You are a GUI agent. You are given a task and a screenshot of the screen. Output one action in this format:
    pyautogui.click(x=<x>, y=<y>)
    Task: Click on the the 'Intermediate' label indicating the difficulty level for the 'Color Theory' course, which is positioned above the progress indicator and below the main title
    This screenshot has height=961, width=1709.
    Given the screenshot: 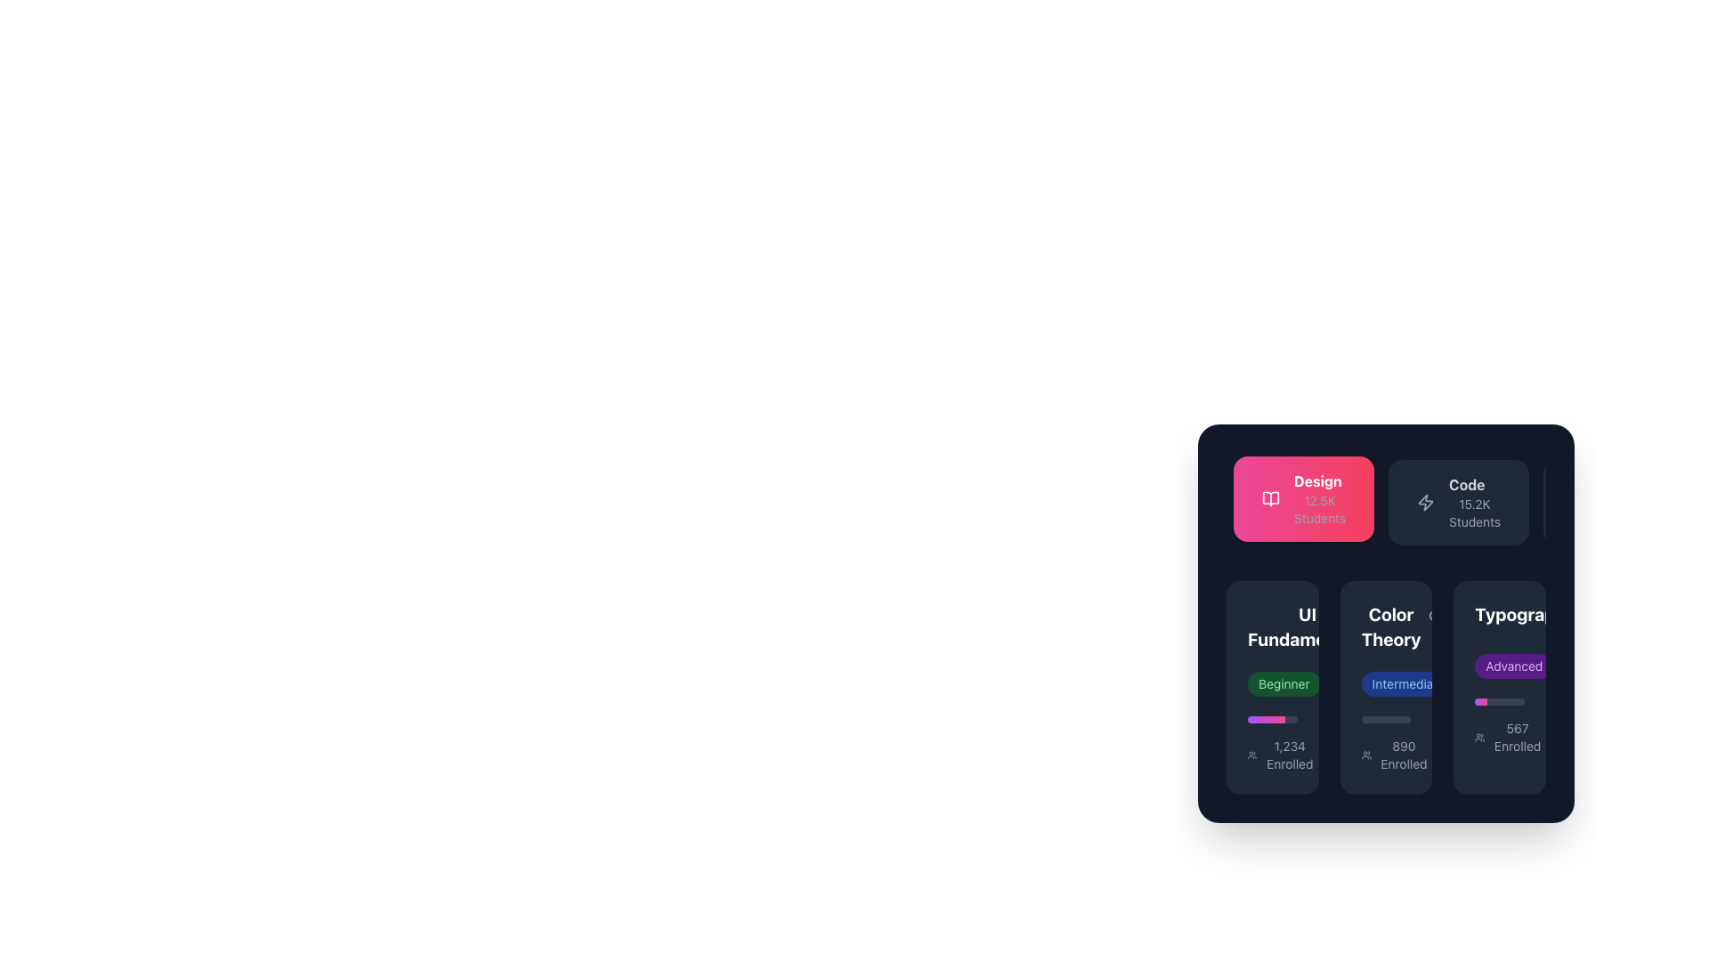 What is the action you would take?
    pyautogui.click(x=1407, y=682)
    